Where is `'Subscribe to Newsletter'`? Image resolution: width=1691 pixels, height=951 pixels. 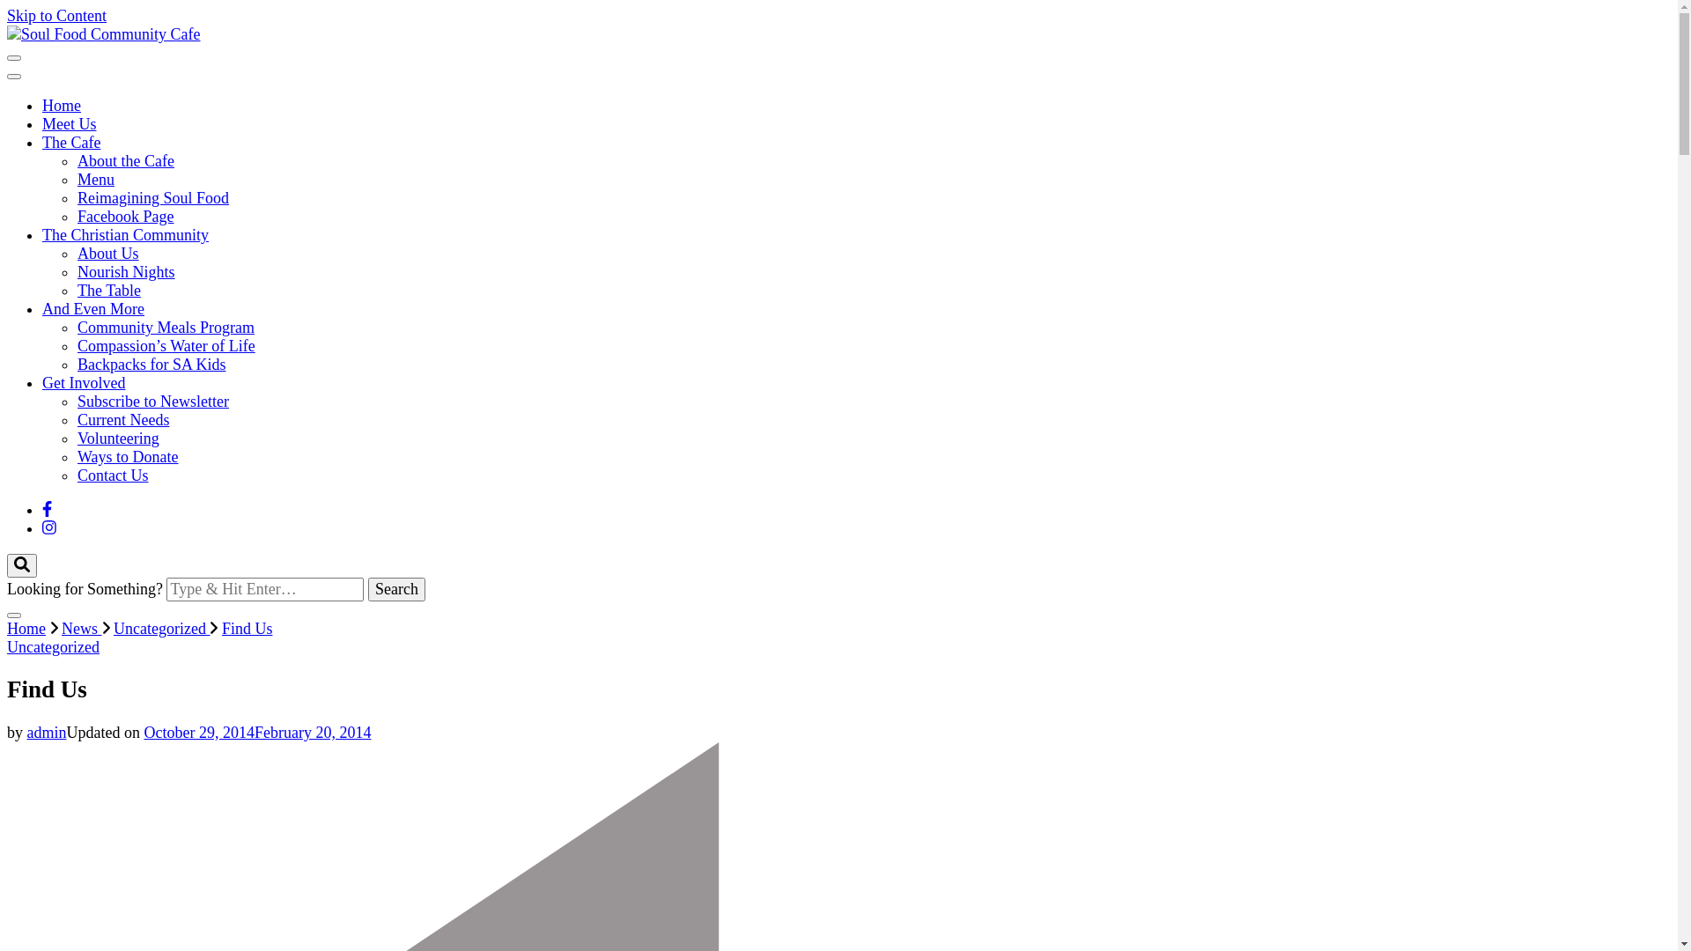 'Subscribe to Newsletter' is located at coordinates (152, 401).